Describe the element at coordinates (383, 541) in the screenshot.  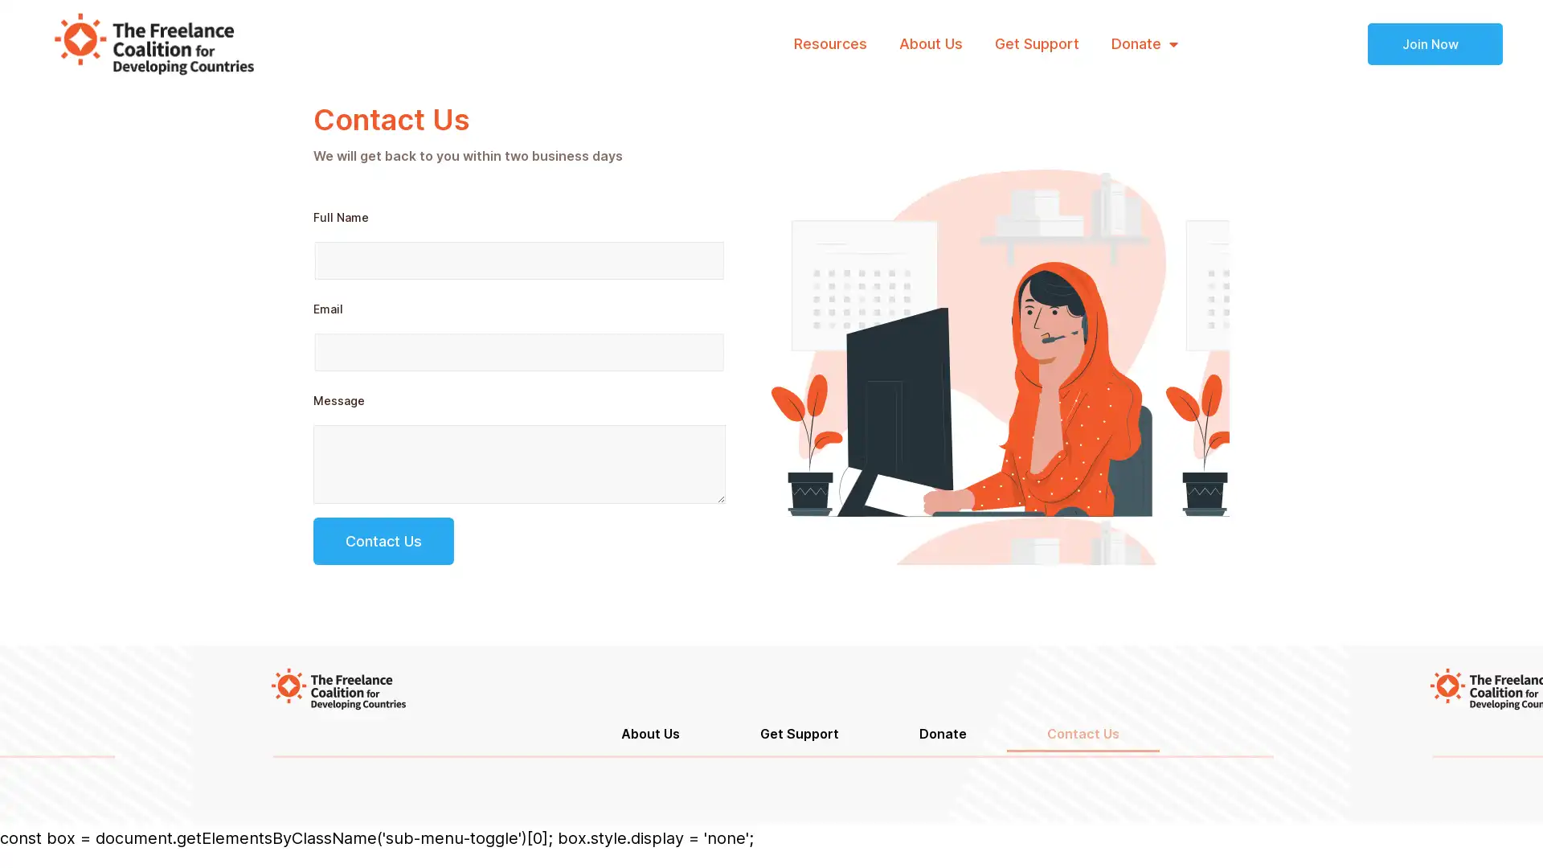
I see `Contact Us` at that location.